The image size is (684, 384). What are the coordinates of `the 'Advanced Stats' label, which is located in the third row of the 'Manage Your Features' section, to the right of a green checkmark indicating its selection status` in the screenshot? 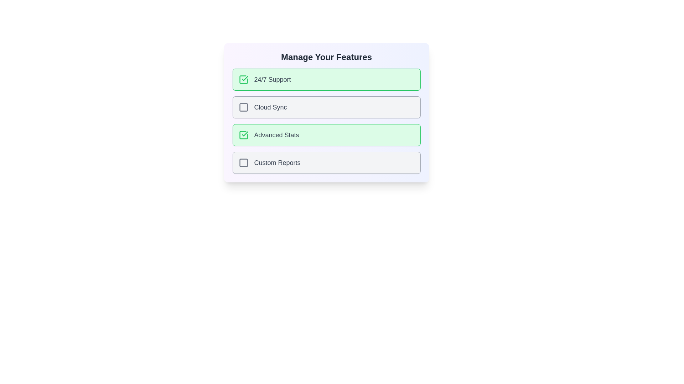 It's located at (276, 135).